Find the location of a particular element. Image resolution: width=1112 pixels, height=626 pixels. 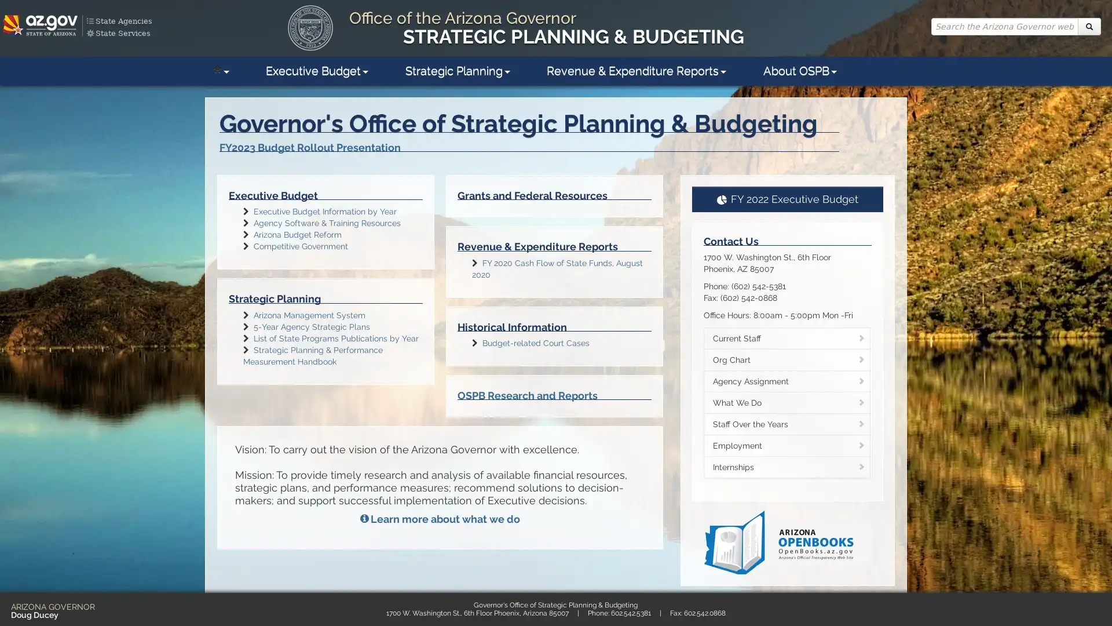

FY 2022 Executive Budget is located at coordinates (787, 198).